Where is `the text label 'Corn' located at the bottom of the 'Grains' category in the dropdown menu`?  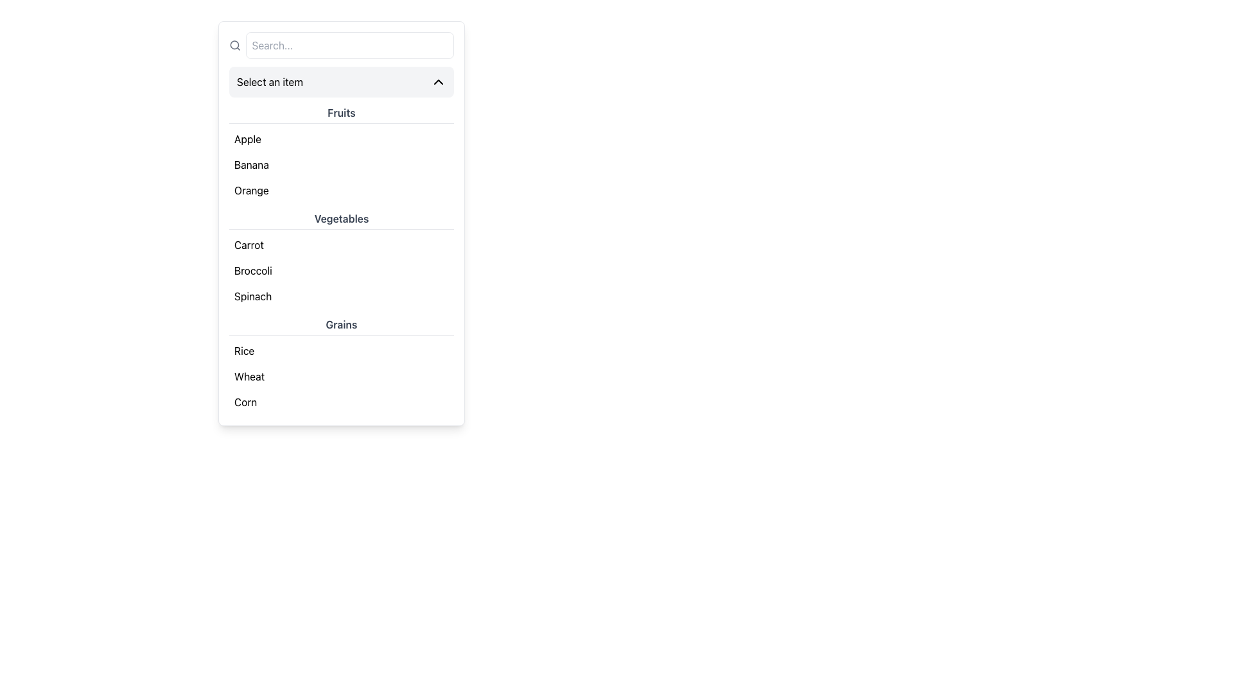
the text label 'Corn' located at the bottom of the 'Grains' category in the dropdown menu is located at coordinates (245, 402).